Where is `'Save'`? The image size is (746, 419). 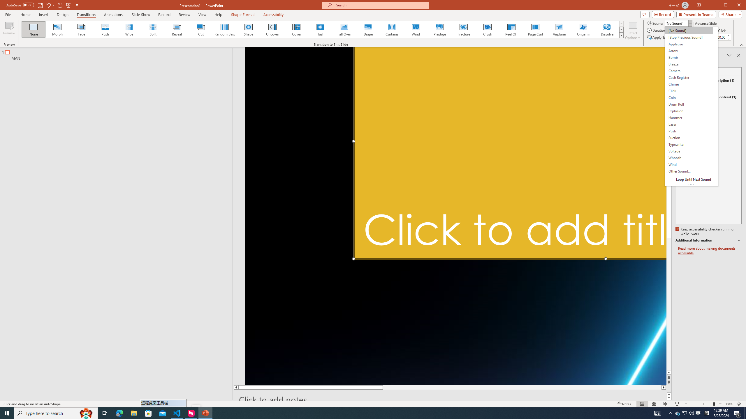 'Save' is located at coordinates (39, 5).